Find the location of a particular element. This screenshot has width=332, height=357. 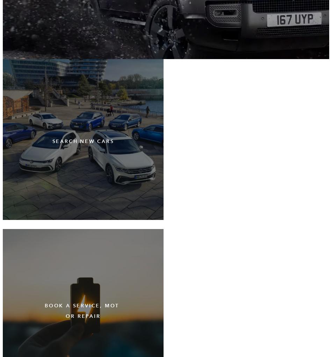

'Cookie Statement' is located at coordinates (25, 15).